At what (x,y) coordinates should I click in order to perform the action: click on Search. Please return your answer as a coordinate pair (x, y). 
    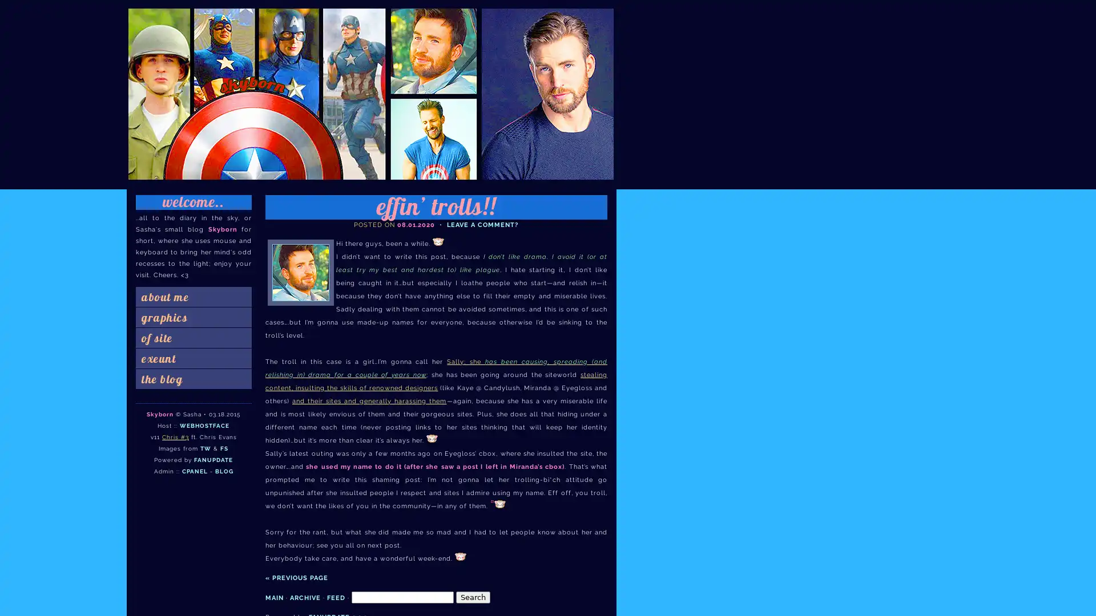
    Looking at the image, I should click on (473, 596).